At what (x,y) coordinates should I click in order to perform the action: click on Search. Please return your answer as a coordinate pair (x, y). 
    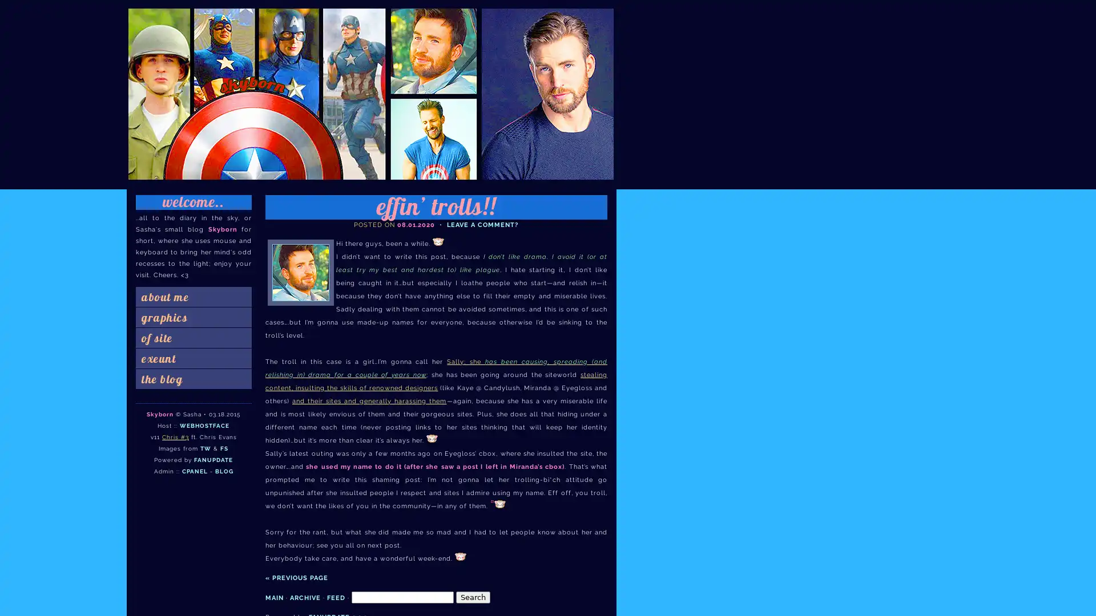
    Looking at the image, I should click on (473, 596).